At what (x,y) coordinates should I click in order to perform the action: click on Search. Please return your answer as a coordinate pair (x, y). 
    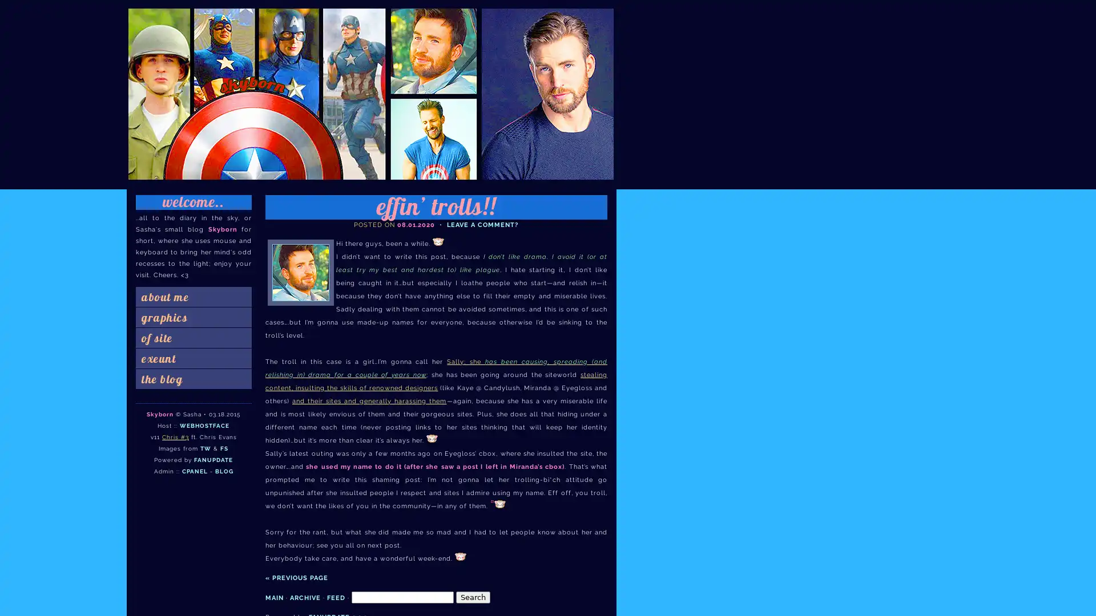
    Looking at the image, I should click on (473, 596).